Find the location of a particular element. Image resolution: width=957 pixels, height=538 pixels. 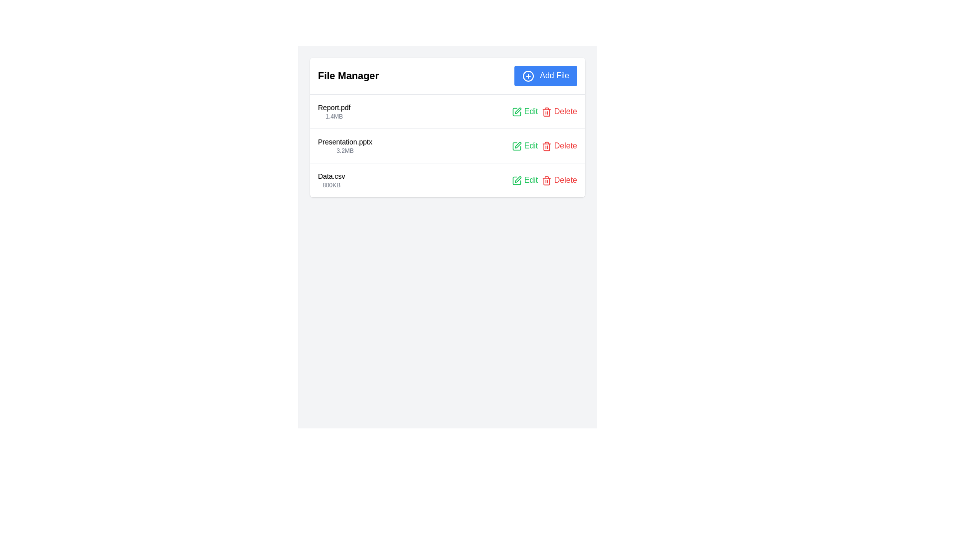

the 'Edit' icon for the file entry labeled 'Presentation.pptx' located in the second row, adjacent to the 'Edit' text and left of the red 'Delete' icon is located at coordinates (517, 146).